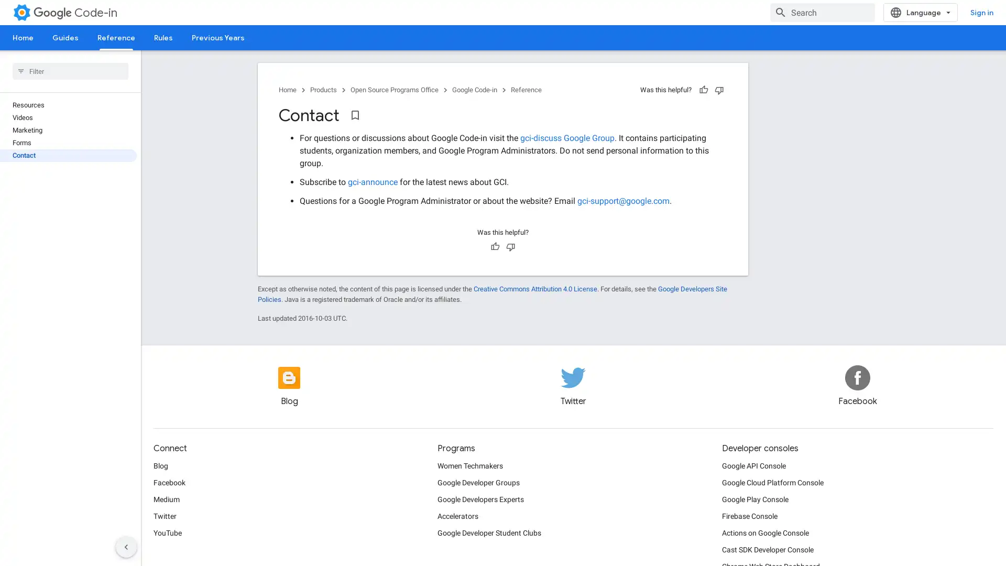 The height and width of the screenshot is (566, 1006). Describe the element at coordinates (510, 246) in the screenshot. I see `Not helpful` at that location.